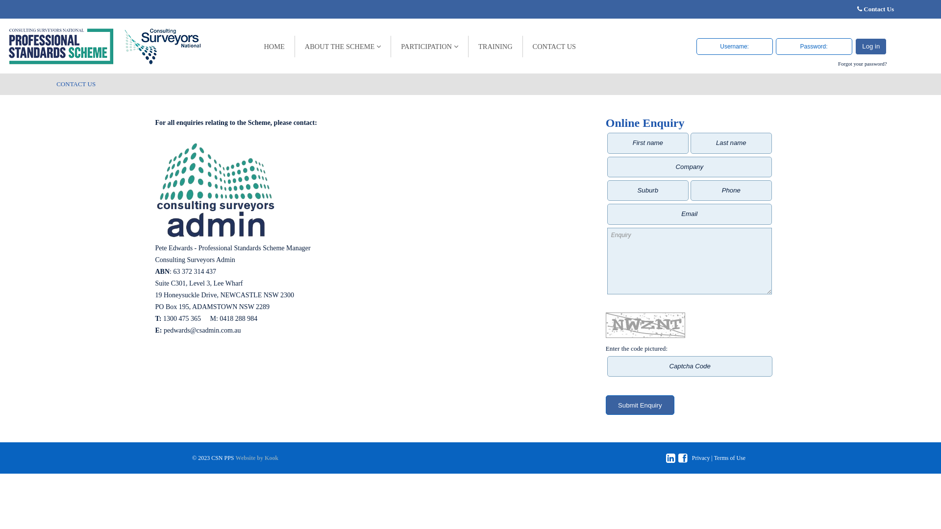 Image resolution: width=941 pixels, height=529 pixels. Describe the element at coordinates (879, 9) in the screenshot. I see `'Contact Us'` at that location.